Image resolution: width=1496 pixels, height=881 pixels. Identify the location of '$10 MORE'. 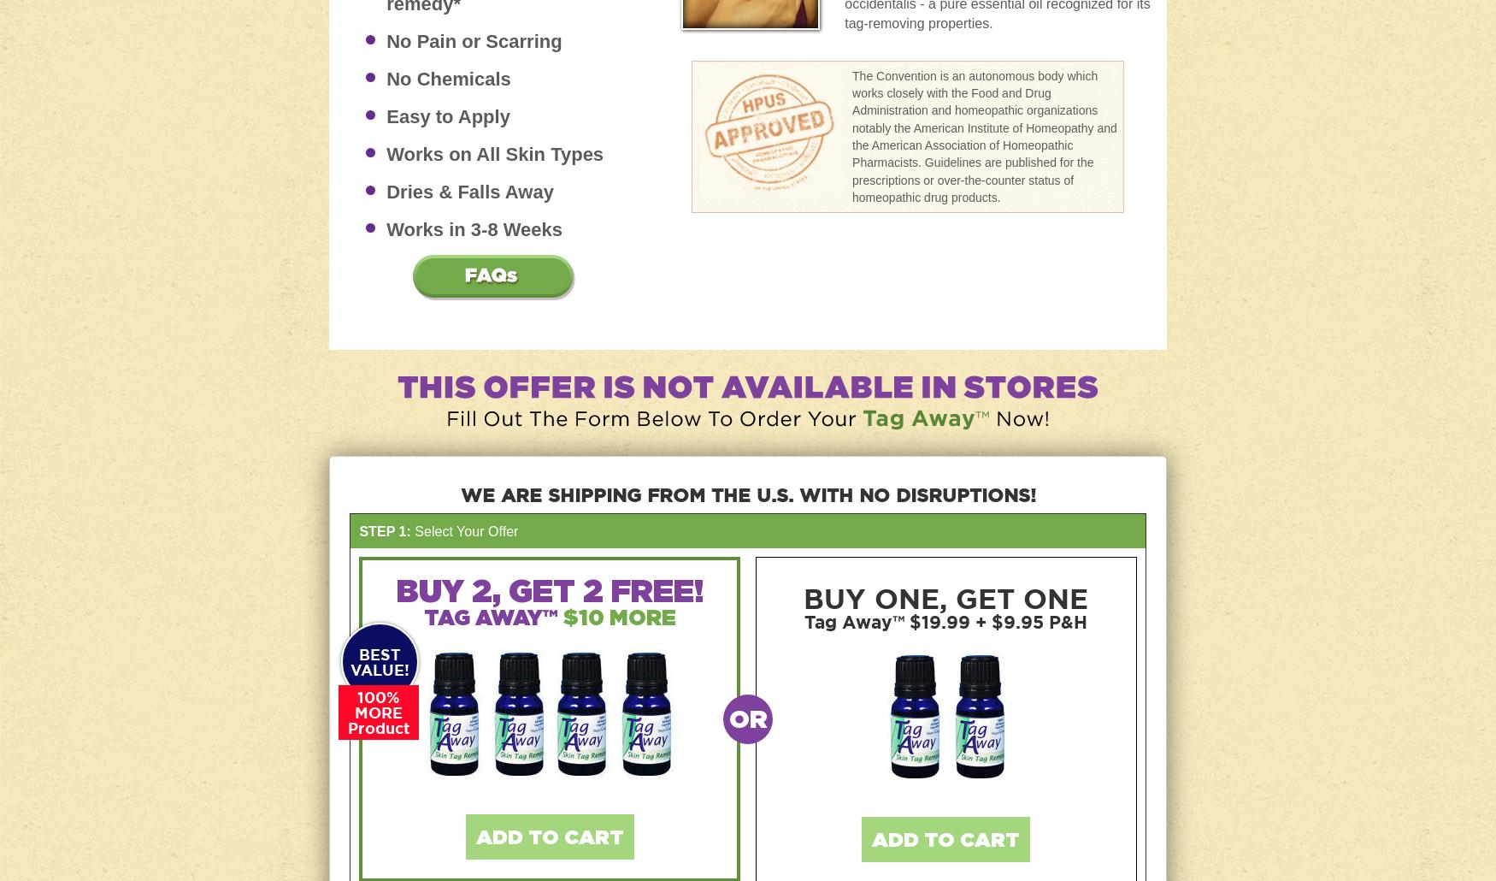
(618, 617).